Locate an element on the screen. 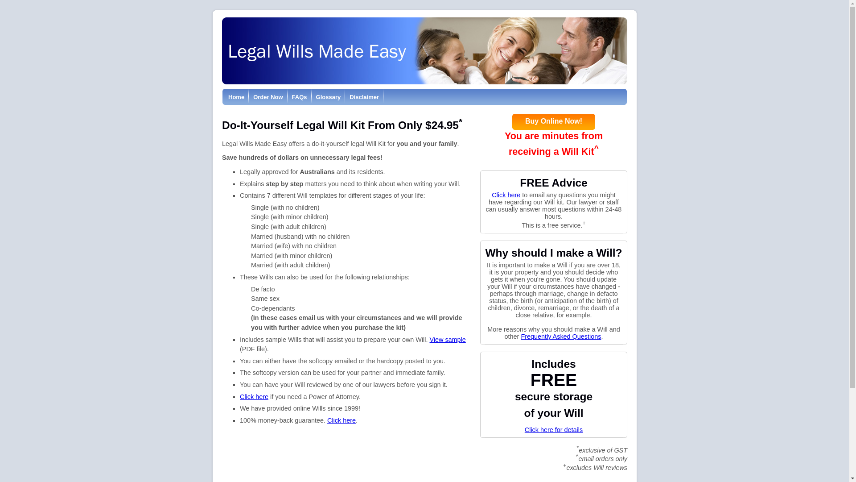 Image resolution: width=856 pixels, height=482 pixels. 'Home' is located at coordinates (236, 97).